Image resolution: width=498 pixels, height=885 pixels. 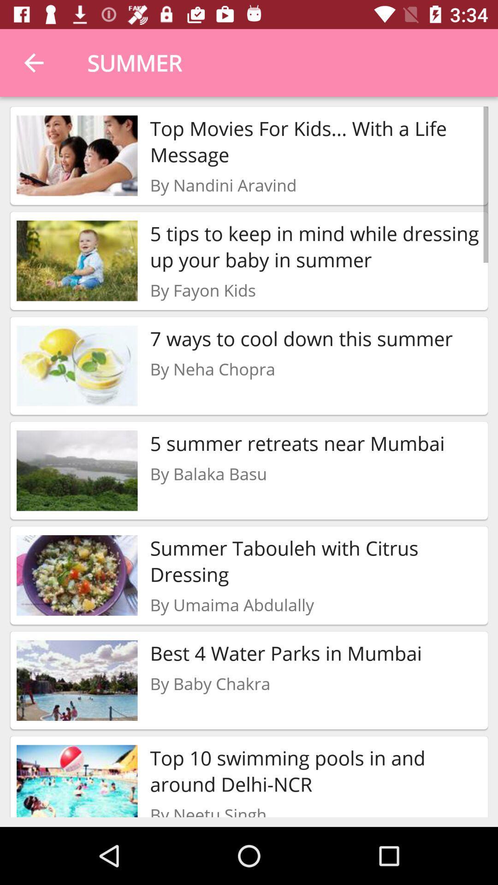 What do you see at coordinates (202, 289) in the screenshot?
I see `icon above the 7 ways to` at bounding box center [202, 289].